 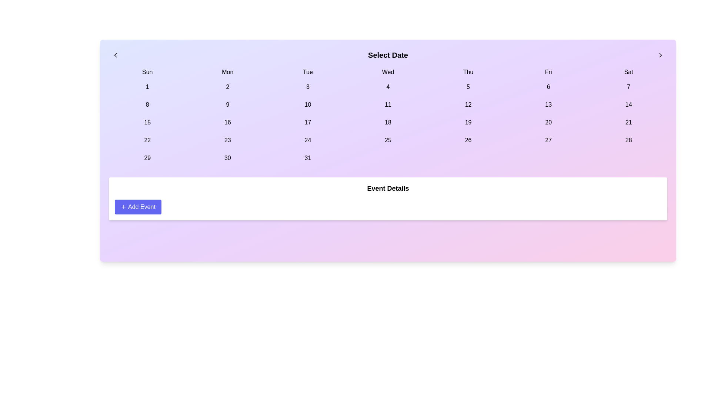 What do you see at coordinates (628, 122) in the screenshot?
I see `the selectable date button for the 21st in the Saturday column of the calendar interface` at bounding box center [628, 122].